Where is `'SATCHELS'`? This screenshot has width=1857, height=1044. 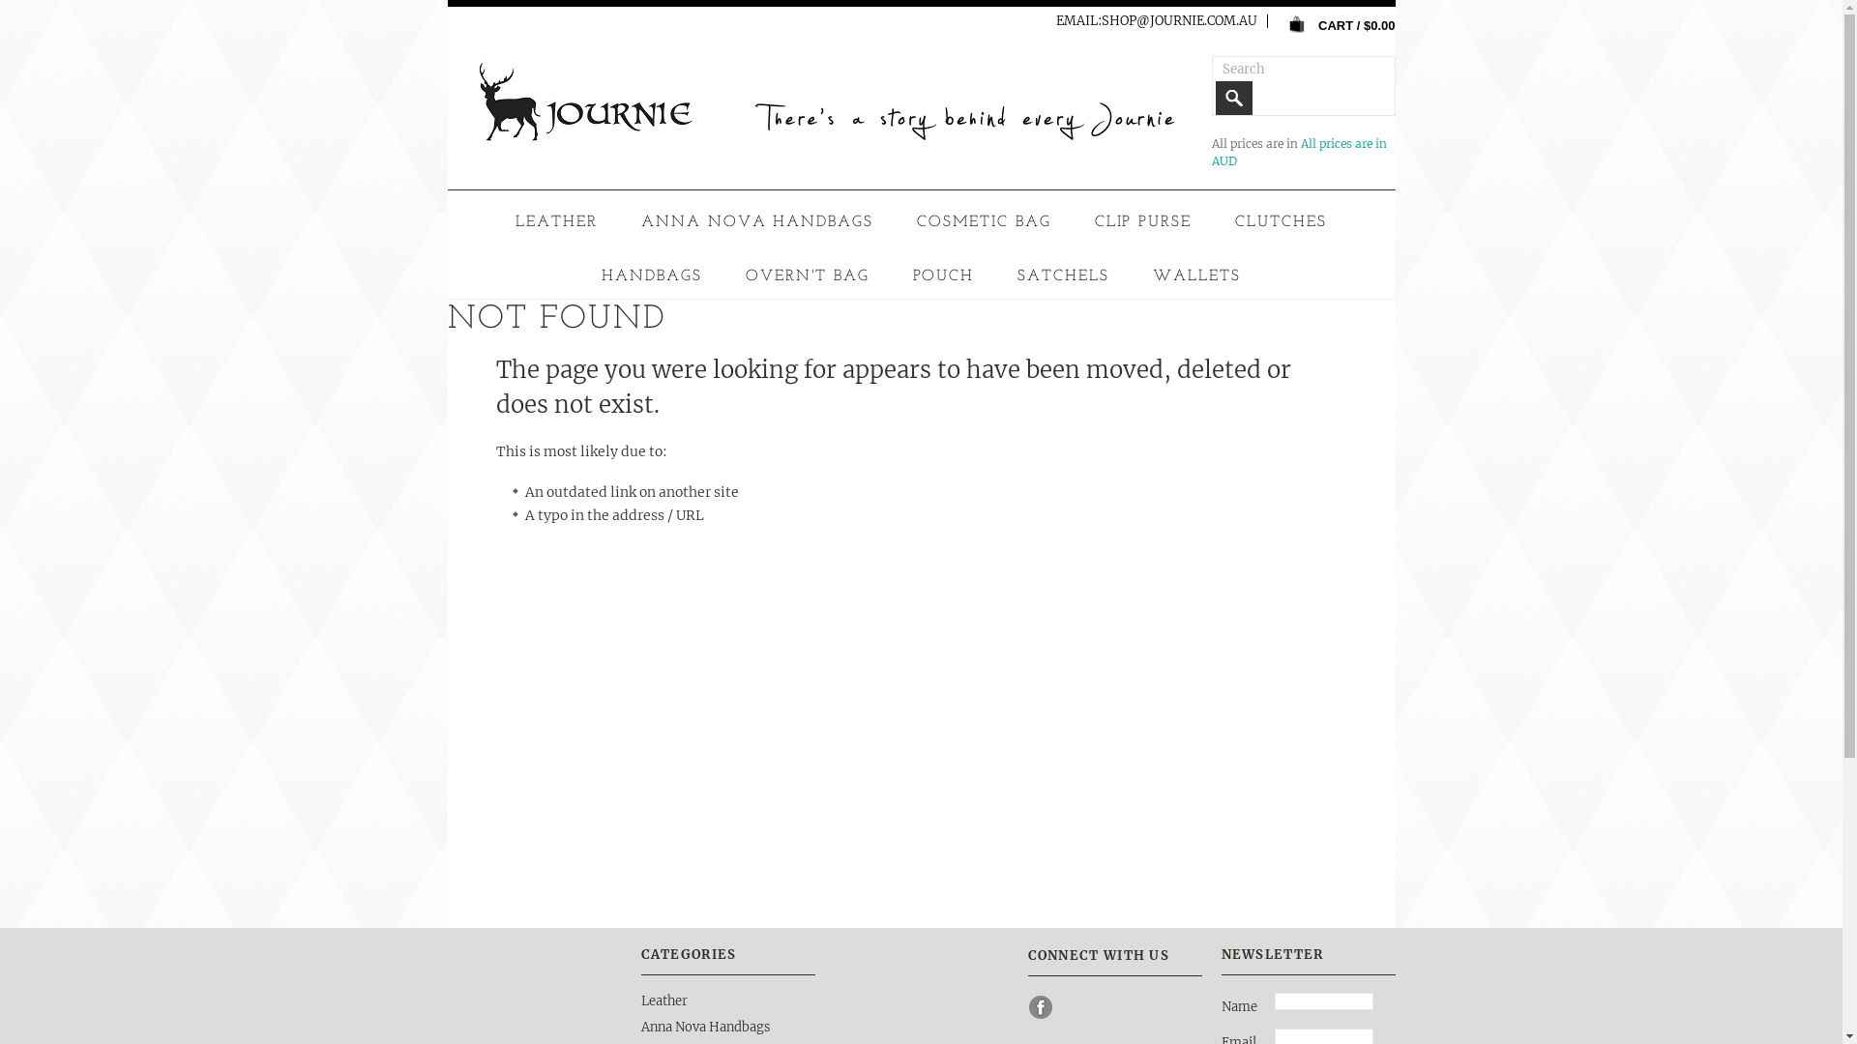
'SATCHELS' is located at coordinates (1062, 275).